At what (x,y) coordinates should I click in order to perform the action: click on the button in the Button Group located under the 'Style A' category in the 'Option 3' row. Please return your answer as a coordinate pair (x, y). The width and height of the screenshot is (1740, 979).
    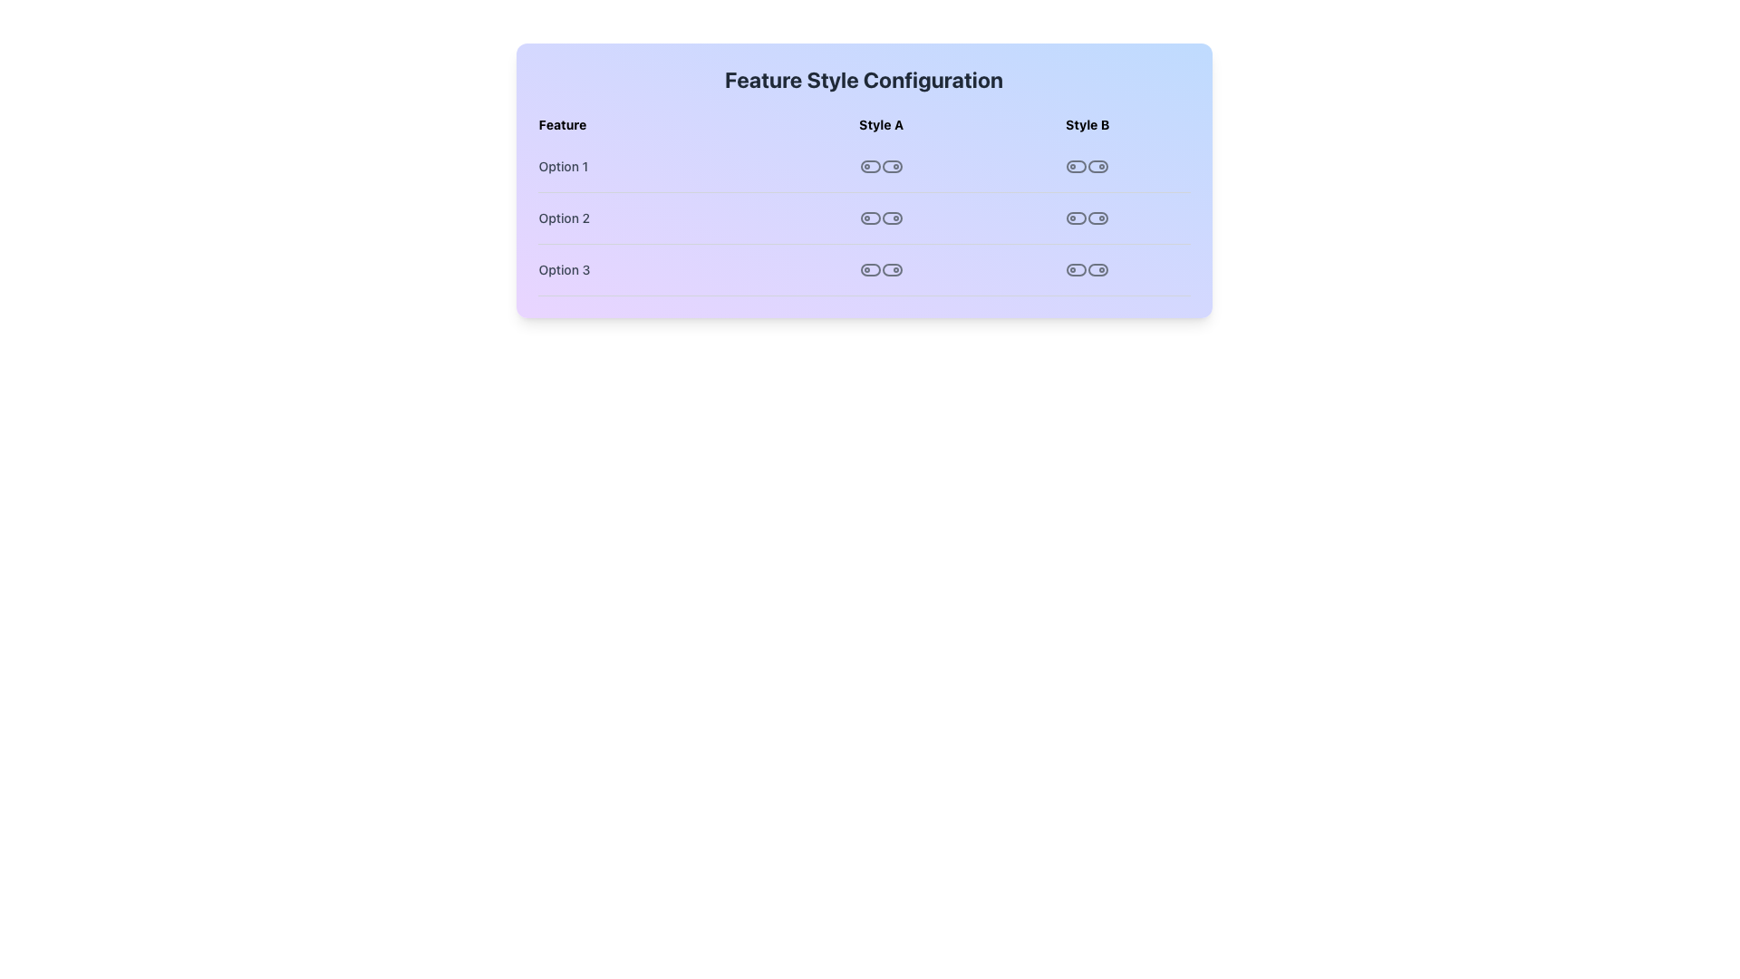
    Looking at the image, I should click on (881, 269).